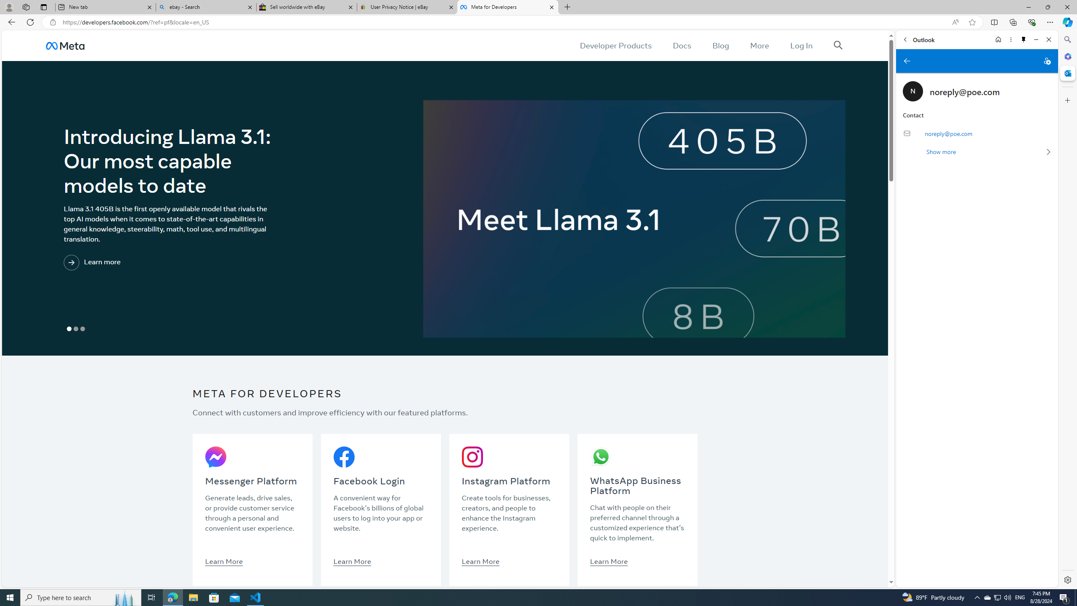 This screenshot has width=1077, height=606. Describe the element at coordinates (507, 7) in the screenshot. I see `'Meta for Developers'` at that location.